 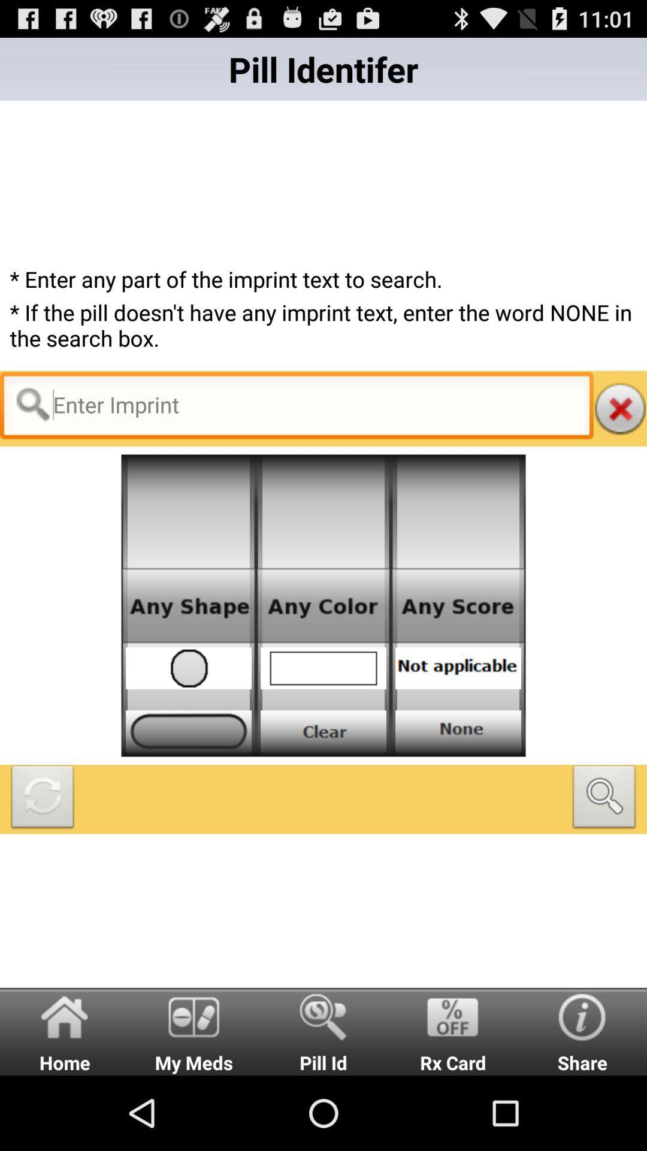 I want to click on the search icon, so click(x=604, y=855).